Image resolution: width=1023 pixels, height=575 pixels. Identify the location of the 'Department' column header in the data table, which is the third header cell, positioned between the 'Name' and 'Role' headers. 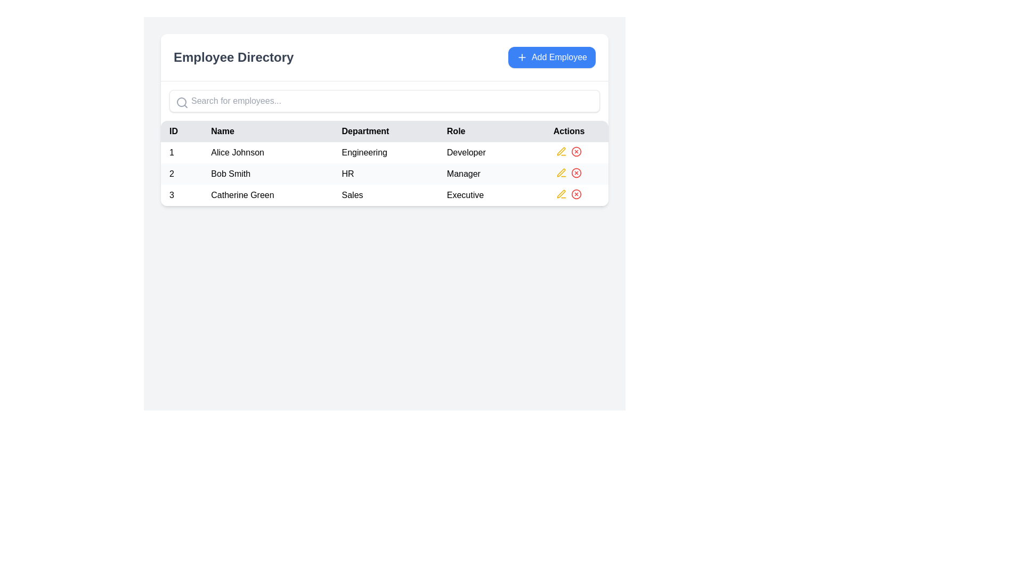
(385, 130).